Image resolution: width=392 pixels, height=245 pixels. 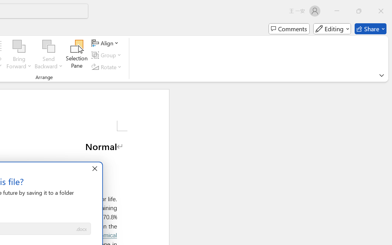 What do you see at coordinates (107, 67) in the screenshot?
I see `'Rotate'` at bounding box center [107, 67].